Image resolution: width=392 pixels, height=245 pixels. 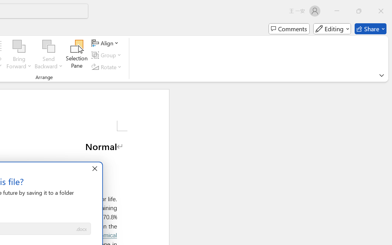 What do you see at coordinates (107, 67) in the screenshot?
I see `'Rotate'` at bounding box center [107, 67].